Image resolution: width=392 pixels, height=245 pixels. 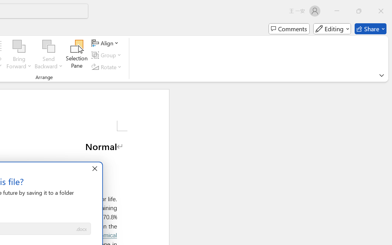 What do you see at coordinates (107, 67) in the screenshot?
I see `'Rotate'` at bounding box center [107, 67].